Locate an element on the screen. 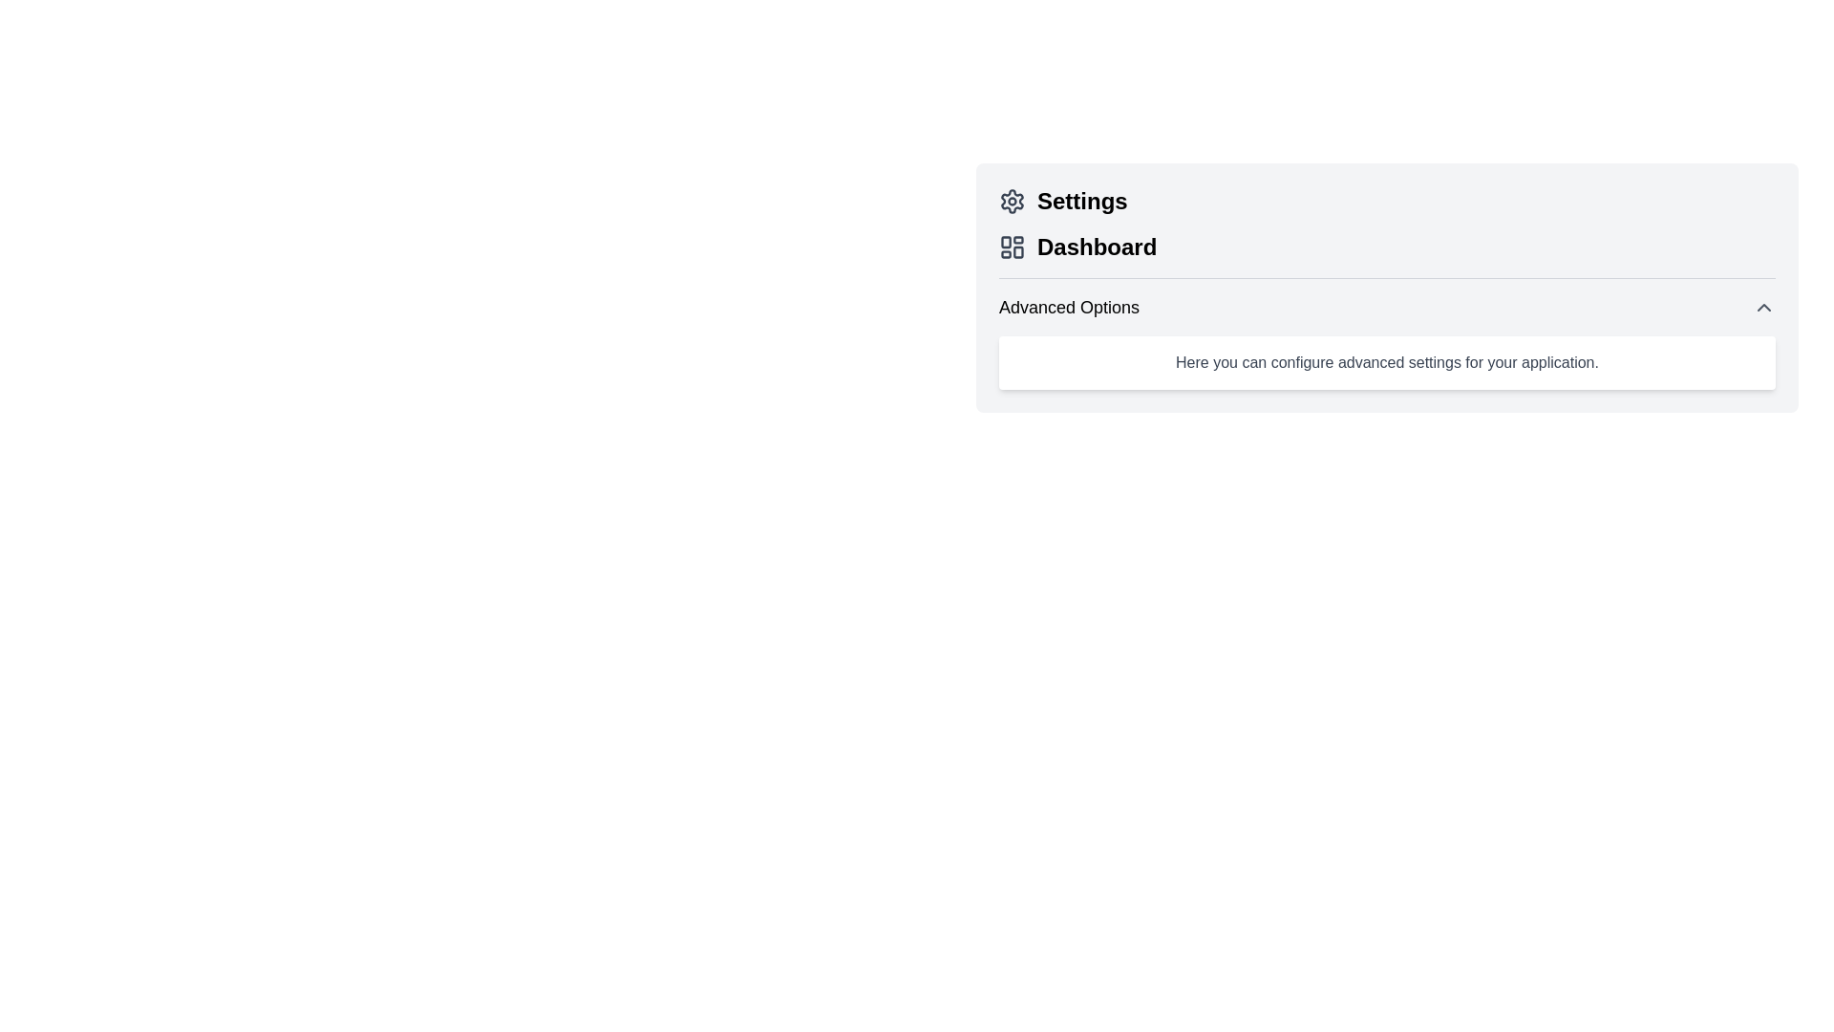 The height and width of the screenshot is (1032, 1834). the top-left rectangle icon within the dashboard icon layout, positioned next to the 'Dashboard' section title is located at coordinates (1005, 241).